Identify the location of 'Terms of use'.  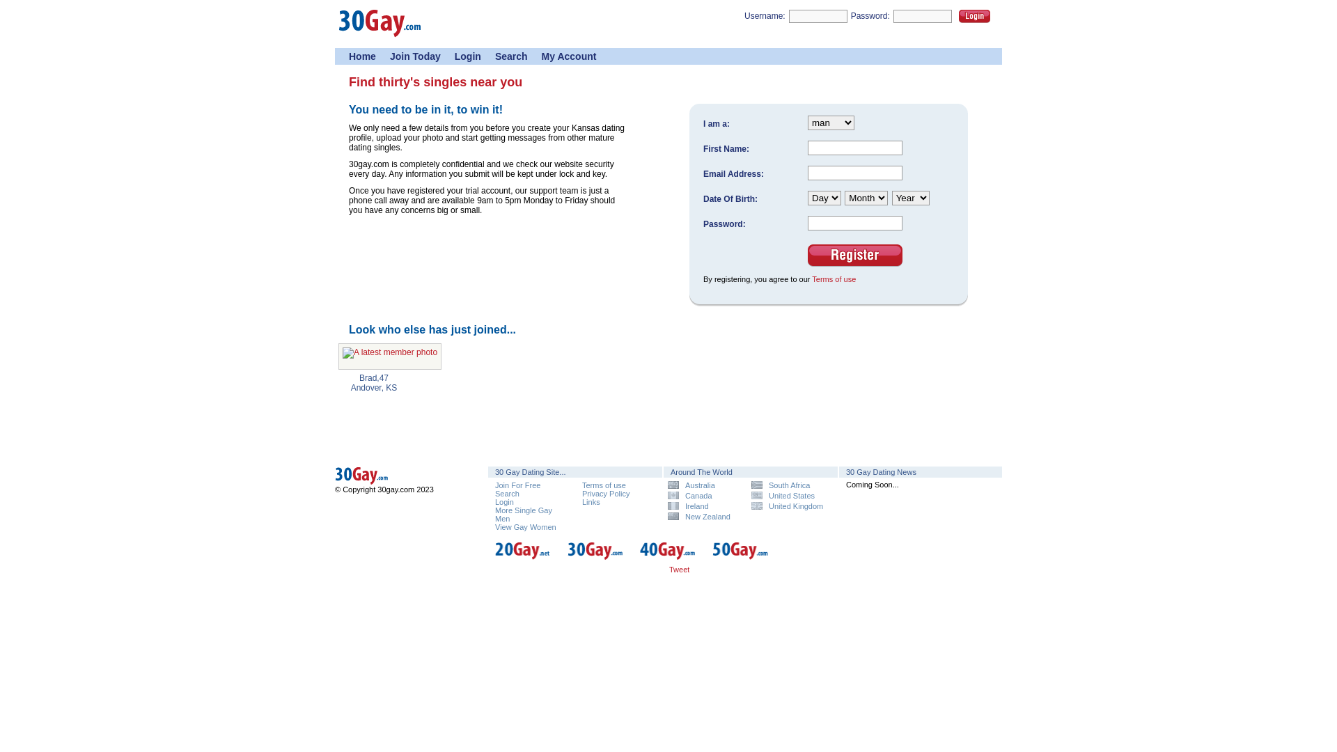
(812, 279).